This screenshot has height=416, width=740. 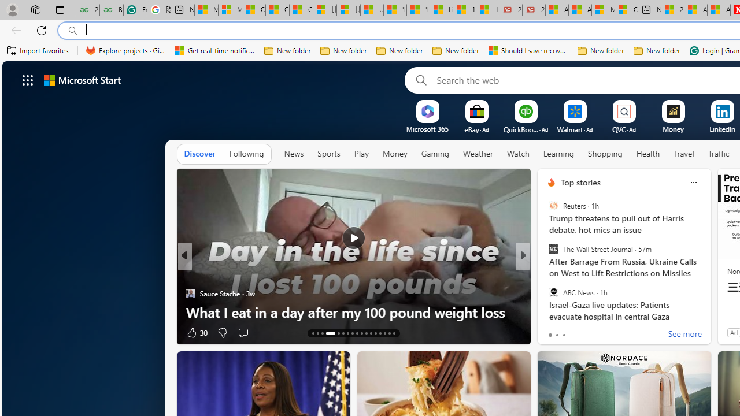 I want to click on 'AutomationID: tab-29', so click(x=394, y=333).